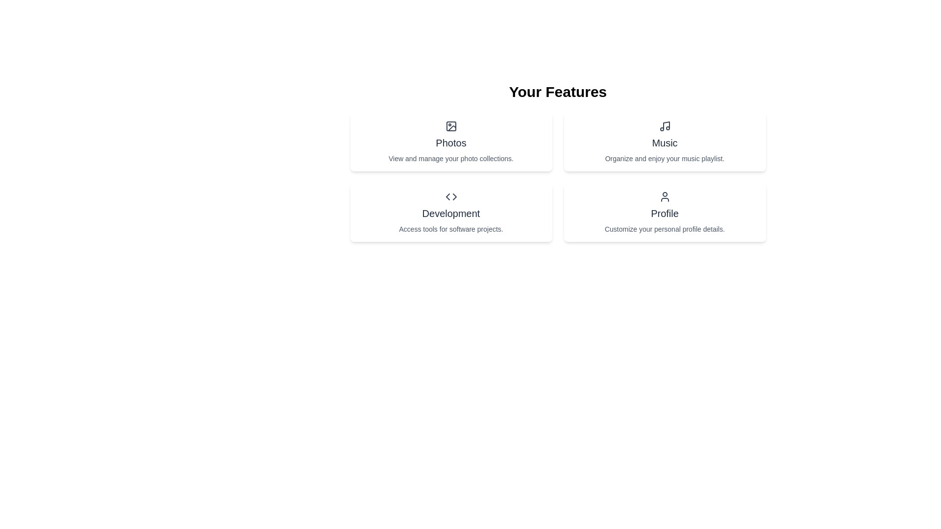  Describe the element at coordinates (665, 213) in the screenshot. I see `the 'Profile' text label, which is styled with a bold font and dark gray color, located in the middle column of the lower part of a 2x2 grid layout` at that location.